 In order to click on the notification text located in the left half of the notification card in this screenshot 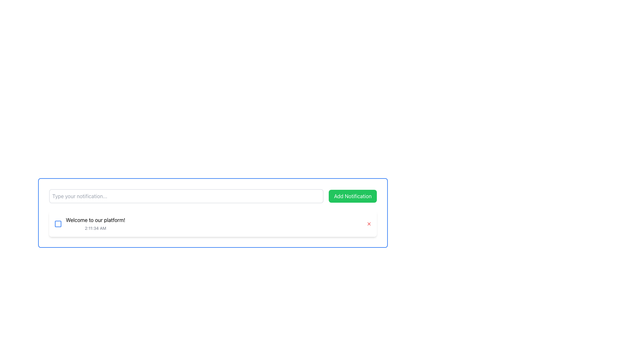, I will do `click(89, 223)`.